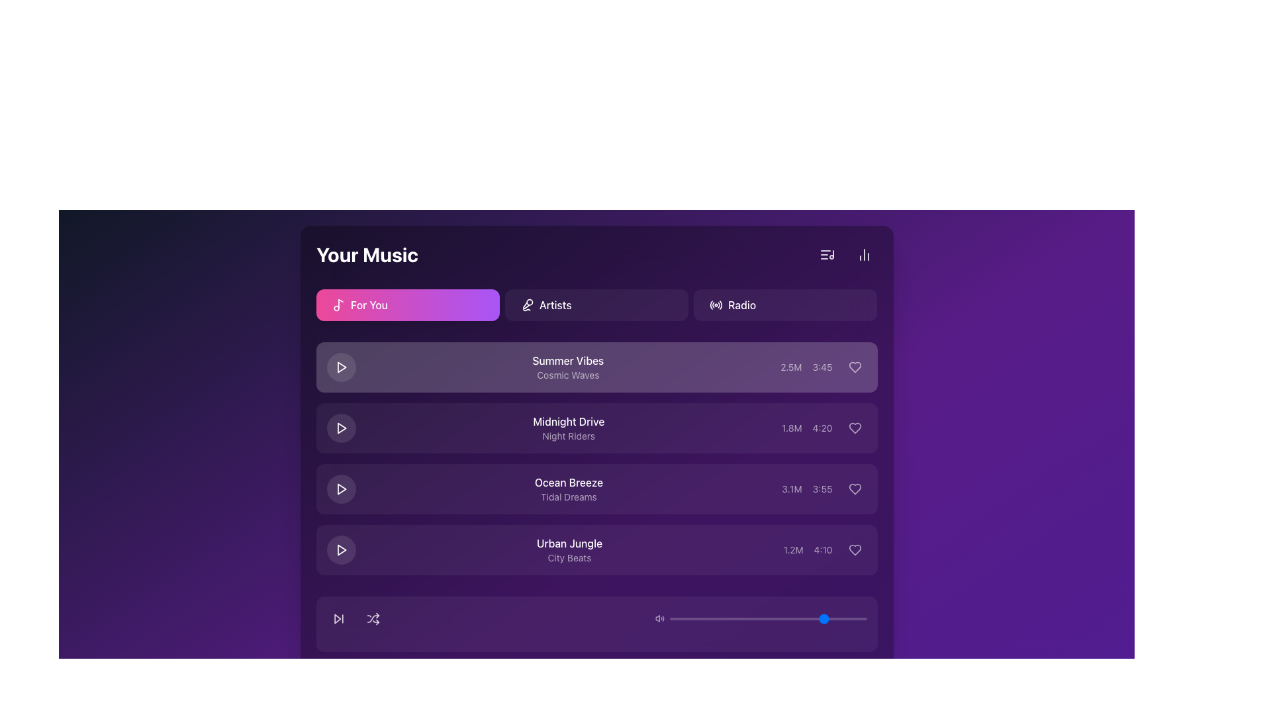 The image size is (1271, 715). Describe the element at coordinates (855, 428) in the screenshot. I see `the heart-shaped icon button located on the right side of the third list item row under the track title 'Midnight Drive'` at that location.